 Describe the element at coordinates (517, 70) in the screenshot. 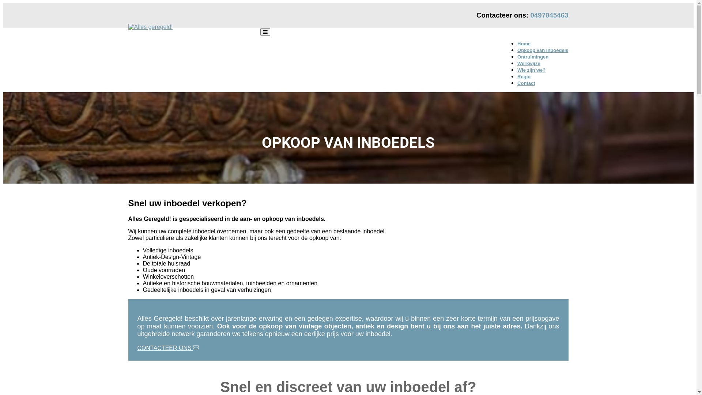

I see `'Wie zijn we?'` at that location.